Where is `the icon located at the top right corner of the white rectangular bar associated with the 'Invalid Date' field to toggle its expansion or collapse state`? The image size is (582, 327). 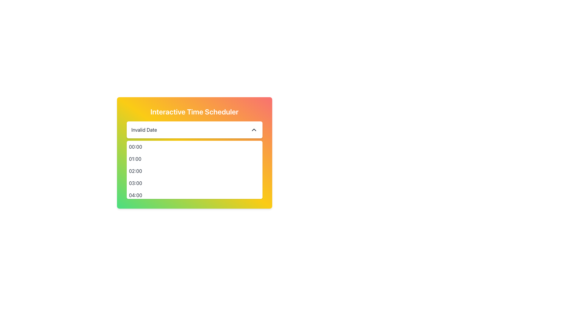 the icon located at the top right corner of the white rectangular bar associated with the 'Invalid Date' field to toggle its expansion or collapse state is located at coordinates (254, 129).